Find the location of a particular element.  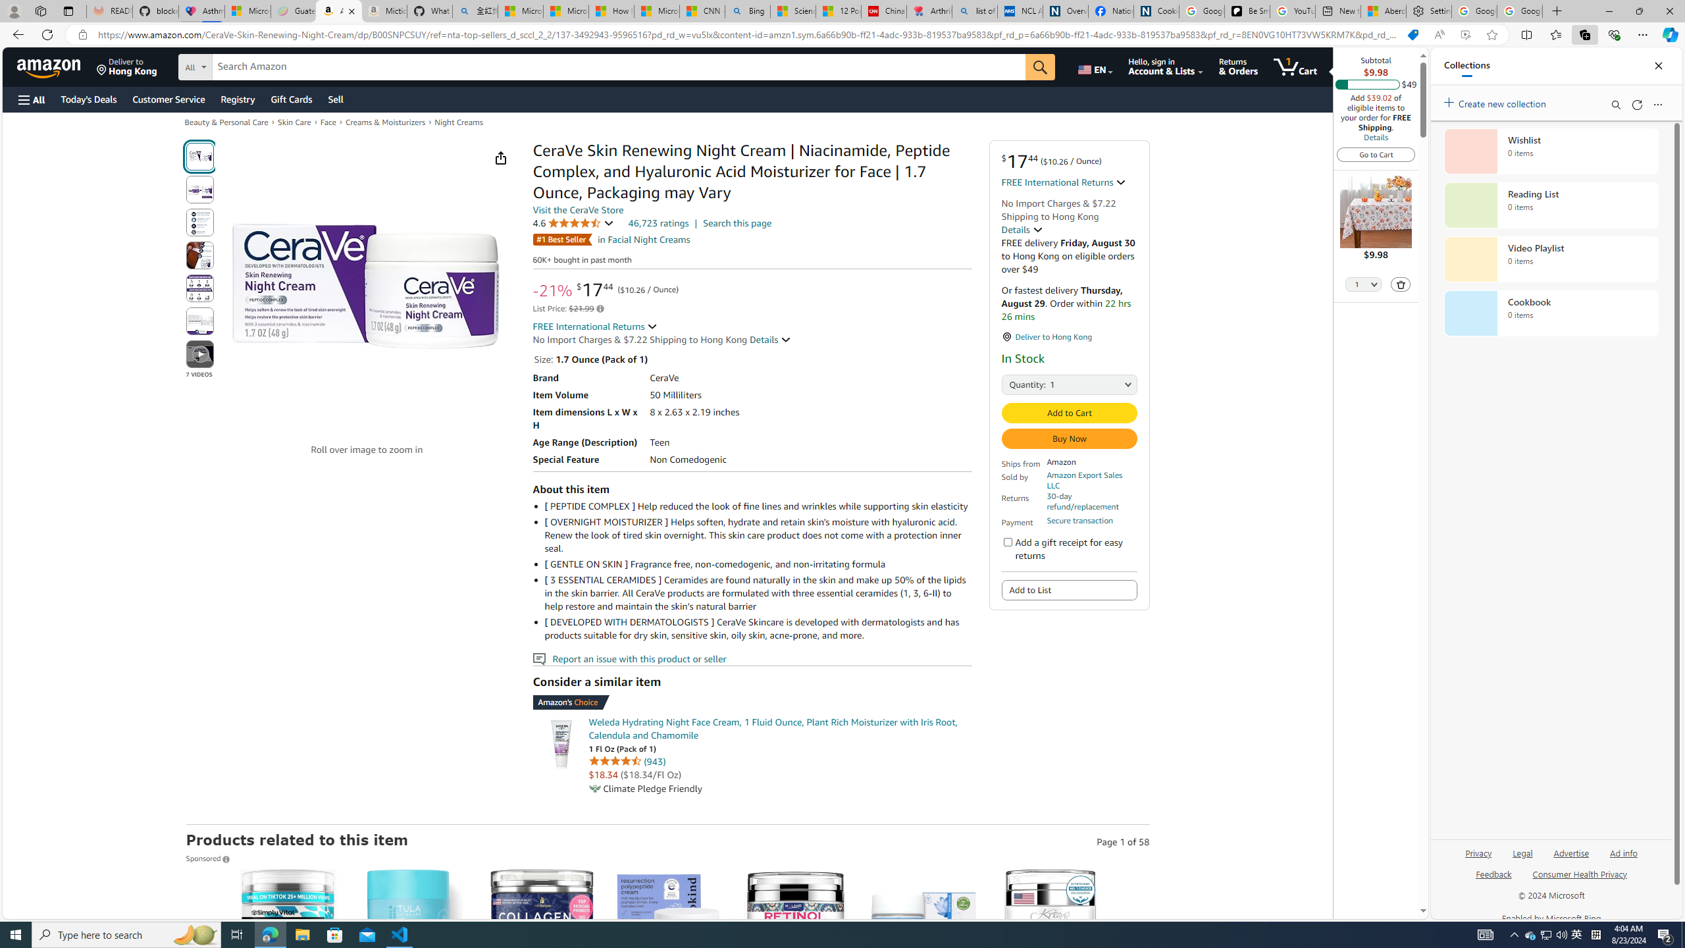

'Workspaces' is located at coordinates (40, 11).